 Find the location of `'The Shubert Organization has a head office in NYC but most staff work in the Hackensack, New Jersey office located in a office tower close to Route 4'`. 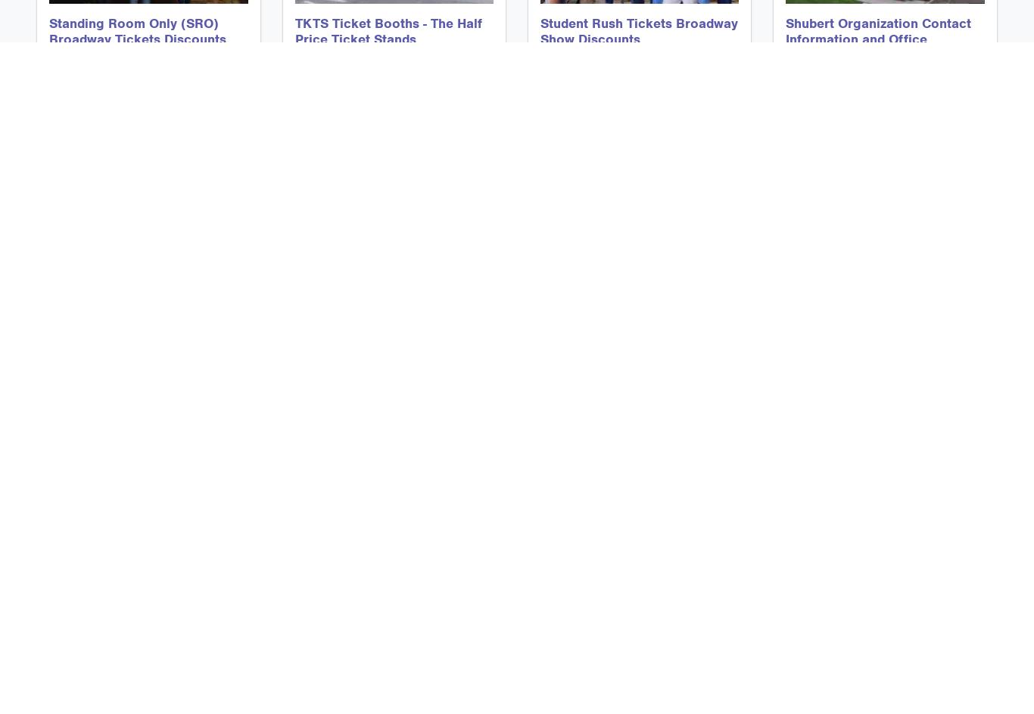

'The Shubert Organization has a head office in NYC but most staff work in the Hackensack, New Jersey office located in a office tower close to Route 4' is located at coordinates (785, 118).